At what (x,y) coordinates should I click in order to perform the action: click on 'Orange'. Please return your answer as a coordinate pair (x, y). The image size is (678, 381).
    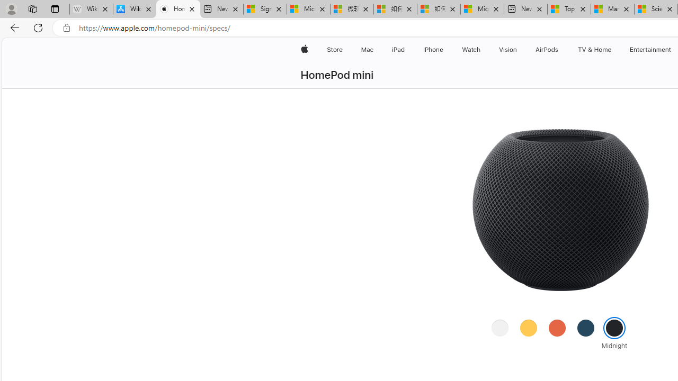
    Looking at the image, I should click on (556, 327).